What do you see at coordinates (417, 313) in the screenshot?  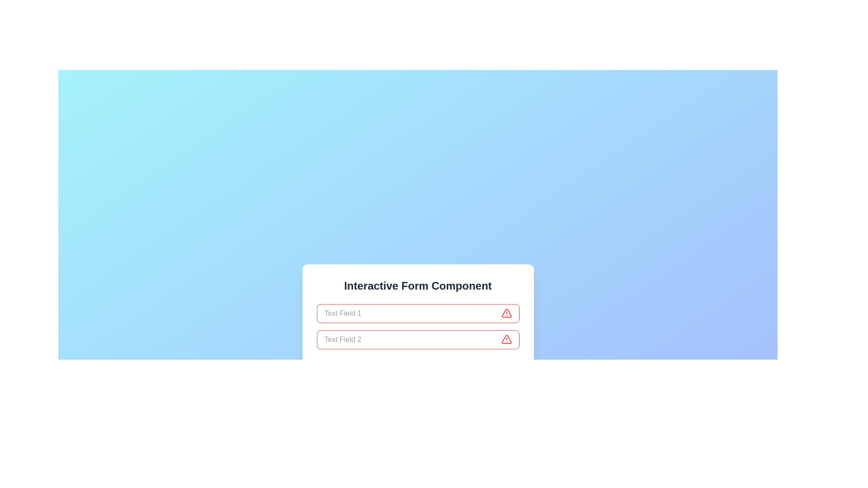 I see `the red warning icon associated with the first input field in the form below the title 'Interactive Form Component'` at bounding box center [417, 313].